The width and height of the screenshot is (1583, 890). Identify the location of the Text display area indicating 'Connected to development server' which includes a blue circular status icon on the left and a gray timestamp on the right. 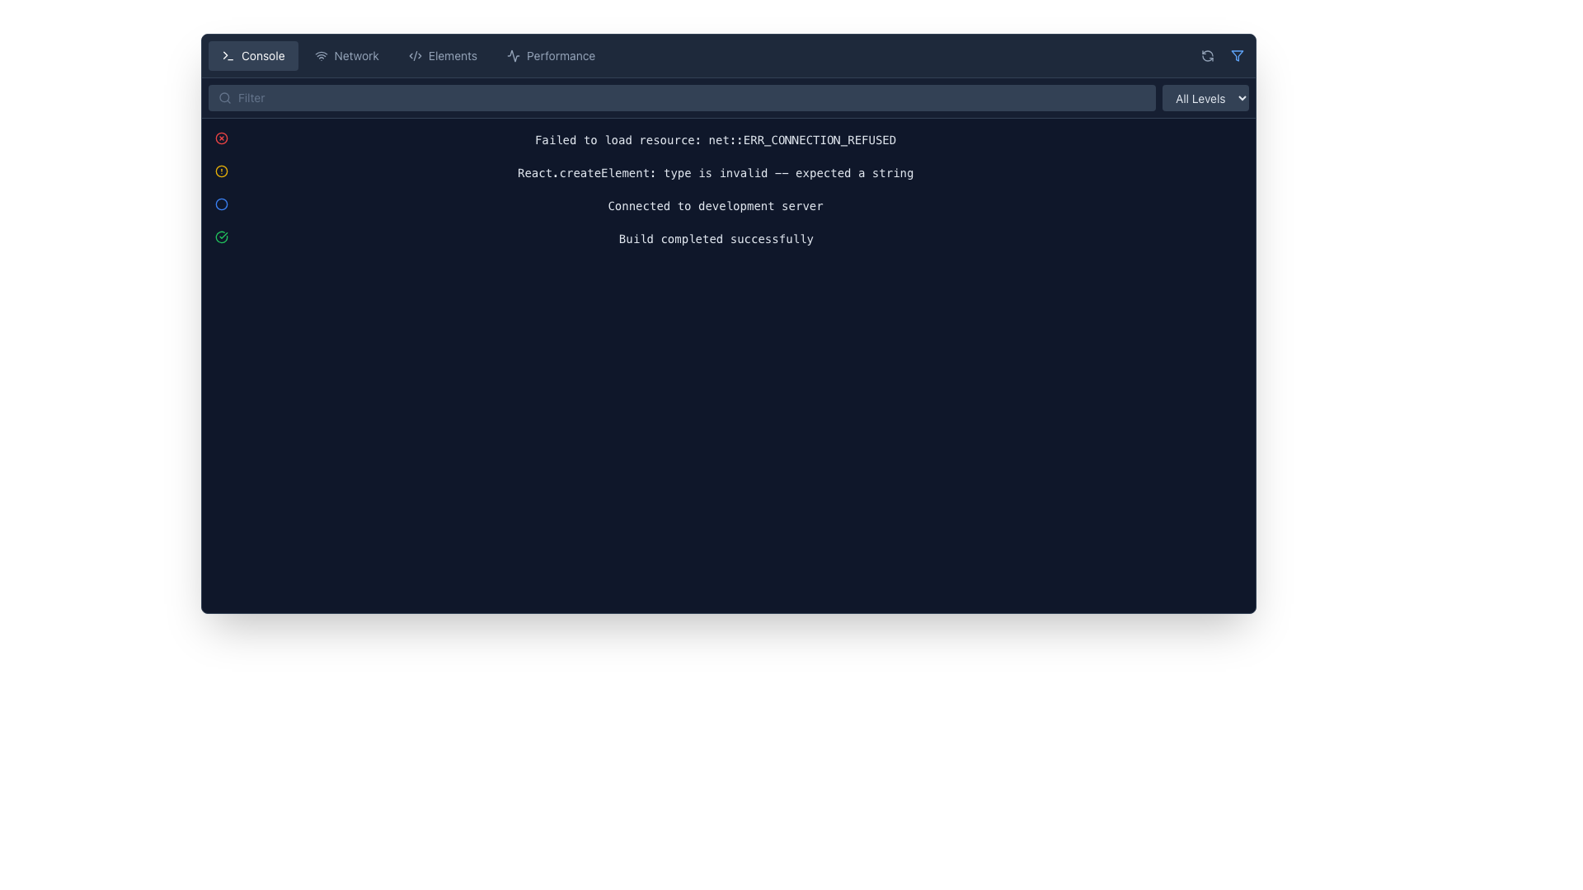
(727, 205).